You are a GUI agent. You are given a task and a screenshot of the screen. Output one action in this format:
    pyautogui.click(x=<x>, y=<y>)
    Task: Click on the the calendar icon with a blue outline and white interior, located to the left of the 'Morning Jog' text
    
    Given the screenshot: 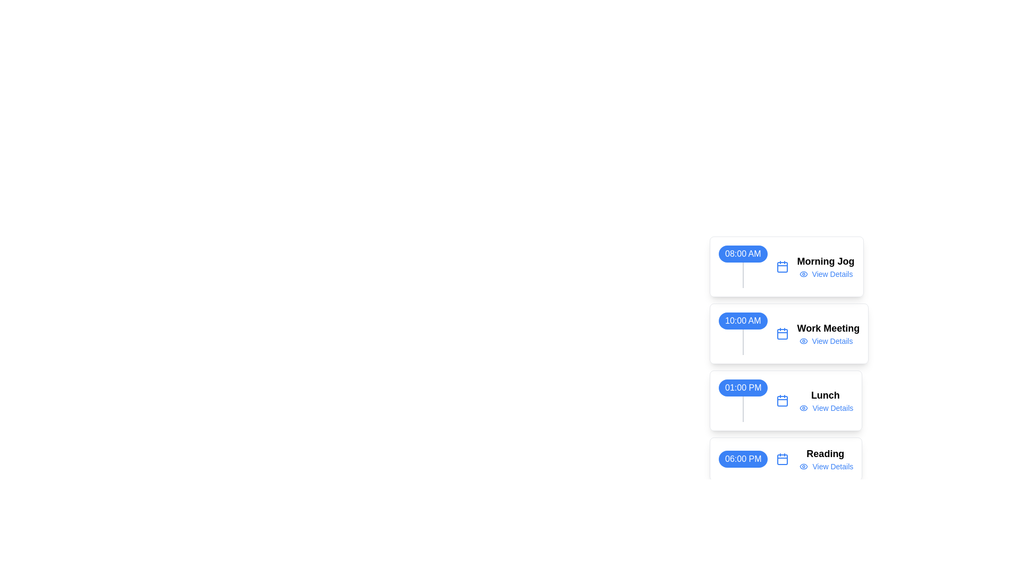 What is the action you would take?
    pyautogui.click(x=782, y=266)
    